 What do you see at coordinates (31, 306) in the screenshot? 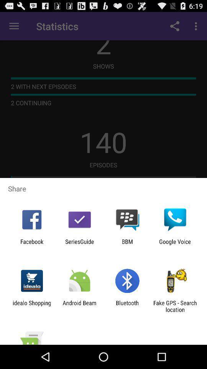
I see `the idealo shopping icon` at bounding box center [31, 306].